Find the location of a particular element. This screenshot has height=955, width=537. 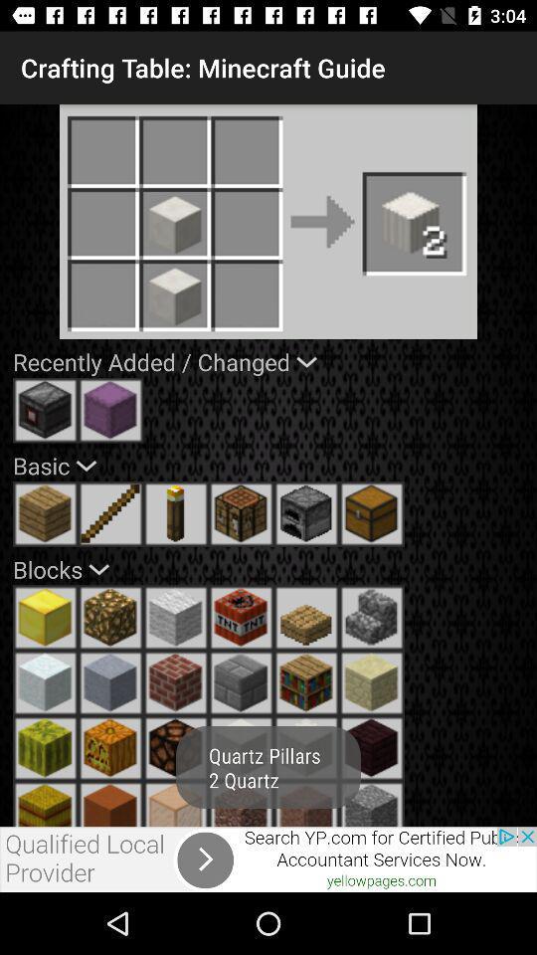

choose option is located at coordinates (372, 804).